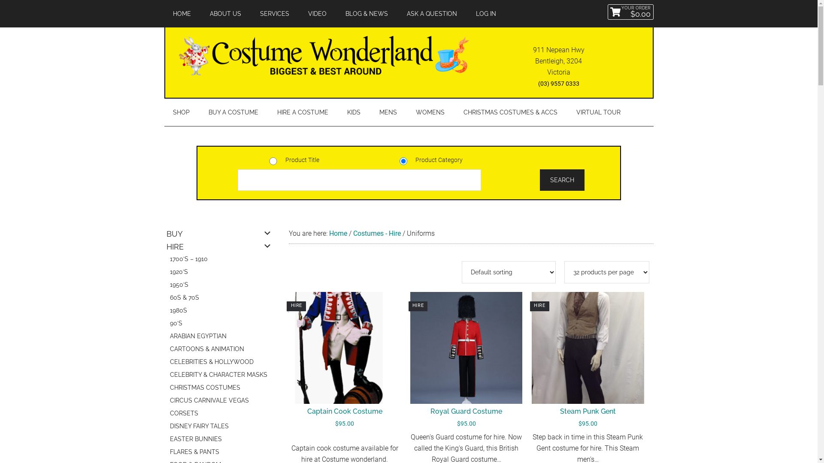 Image resolution: width=824 pixels, height=463 pixels. Describe the element at coordinates (366, 13) in the screenshot. I see `'BLOG & NEWS'` at that location.